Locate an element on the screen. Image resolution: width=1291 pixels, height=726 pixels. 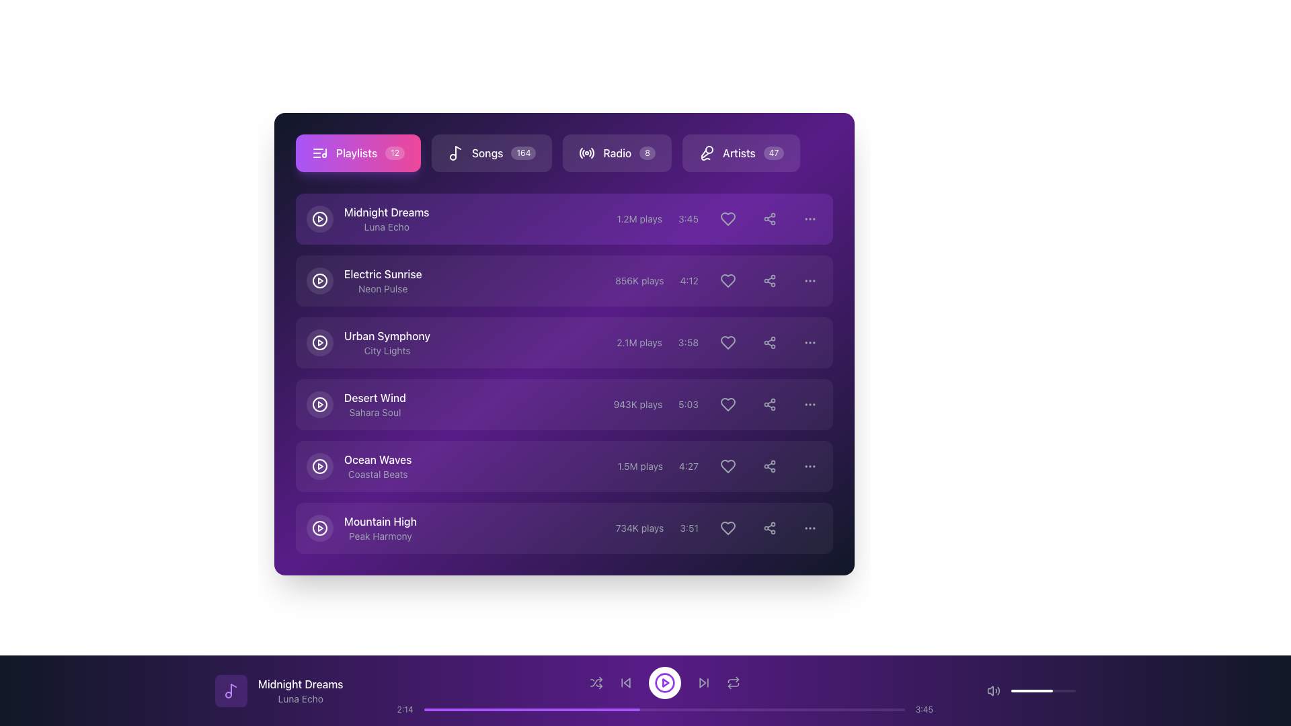
the first media item in the 'Playlists' section is located at coordinates (564, 218).